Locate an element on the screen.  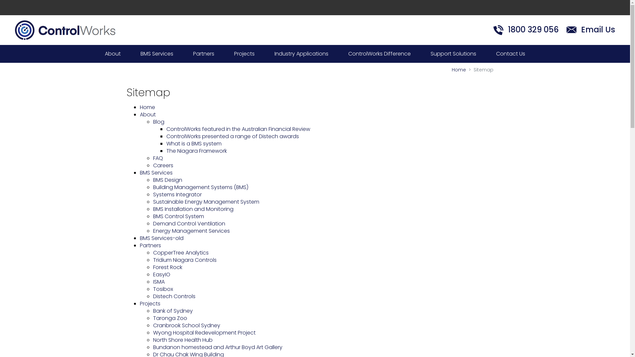
'1800 329 056' is located at coordinates (526, 29).